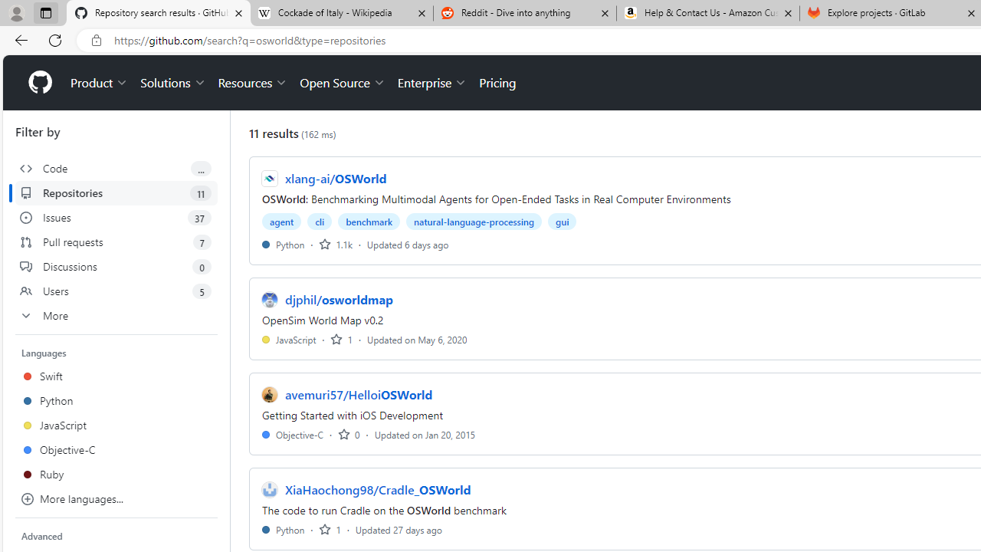  Describe the element at coordinates (329, 528) in the screenshot. I see `'1 stars'` at that location.